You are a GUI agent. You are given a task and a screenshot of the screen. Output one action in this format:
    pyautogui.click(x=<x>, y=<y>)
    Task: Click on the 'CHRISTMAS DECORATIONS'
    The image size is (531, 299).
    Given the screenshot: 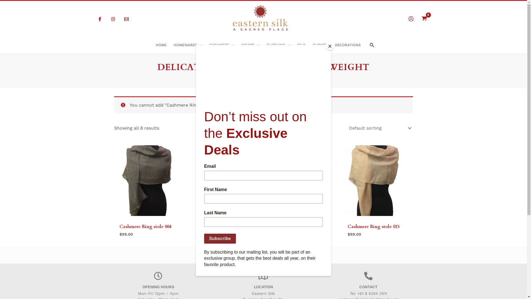 What is the action you would take?
    pyautogui.click(x=309, y=45)
    